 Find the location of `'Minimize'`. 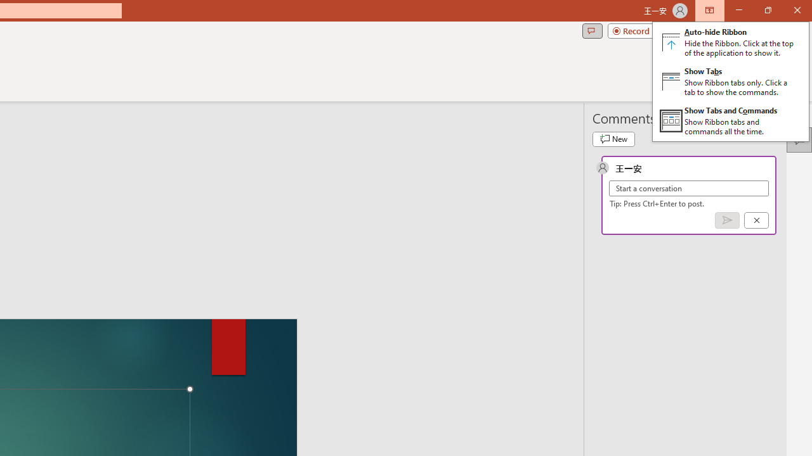

'Minimize' is located at coordinates (738, 10).